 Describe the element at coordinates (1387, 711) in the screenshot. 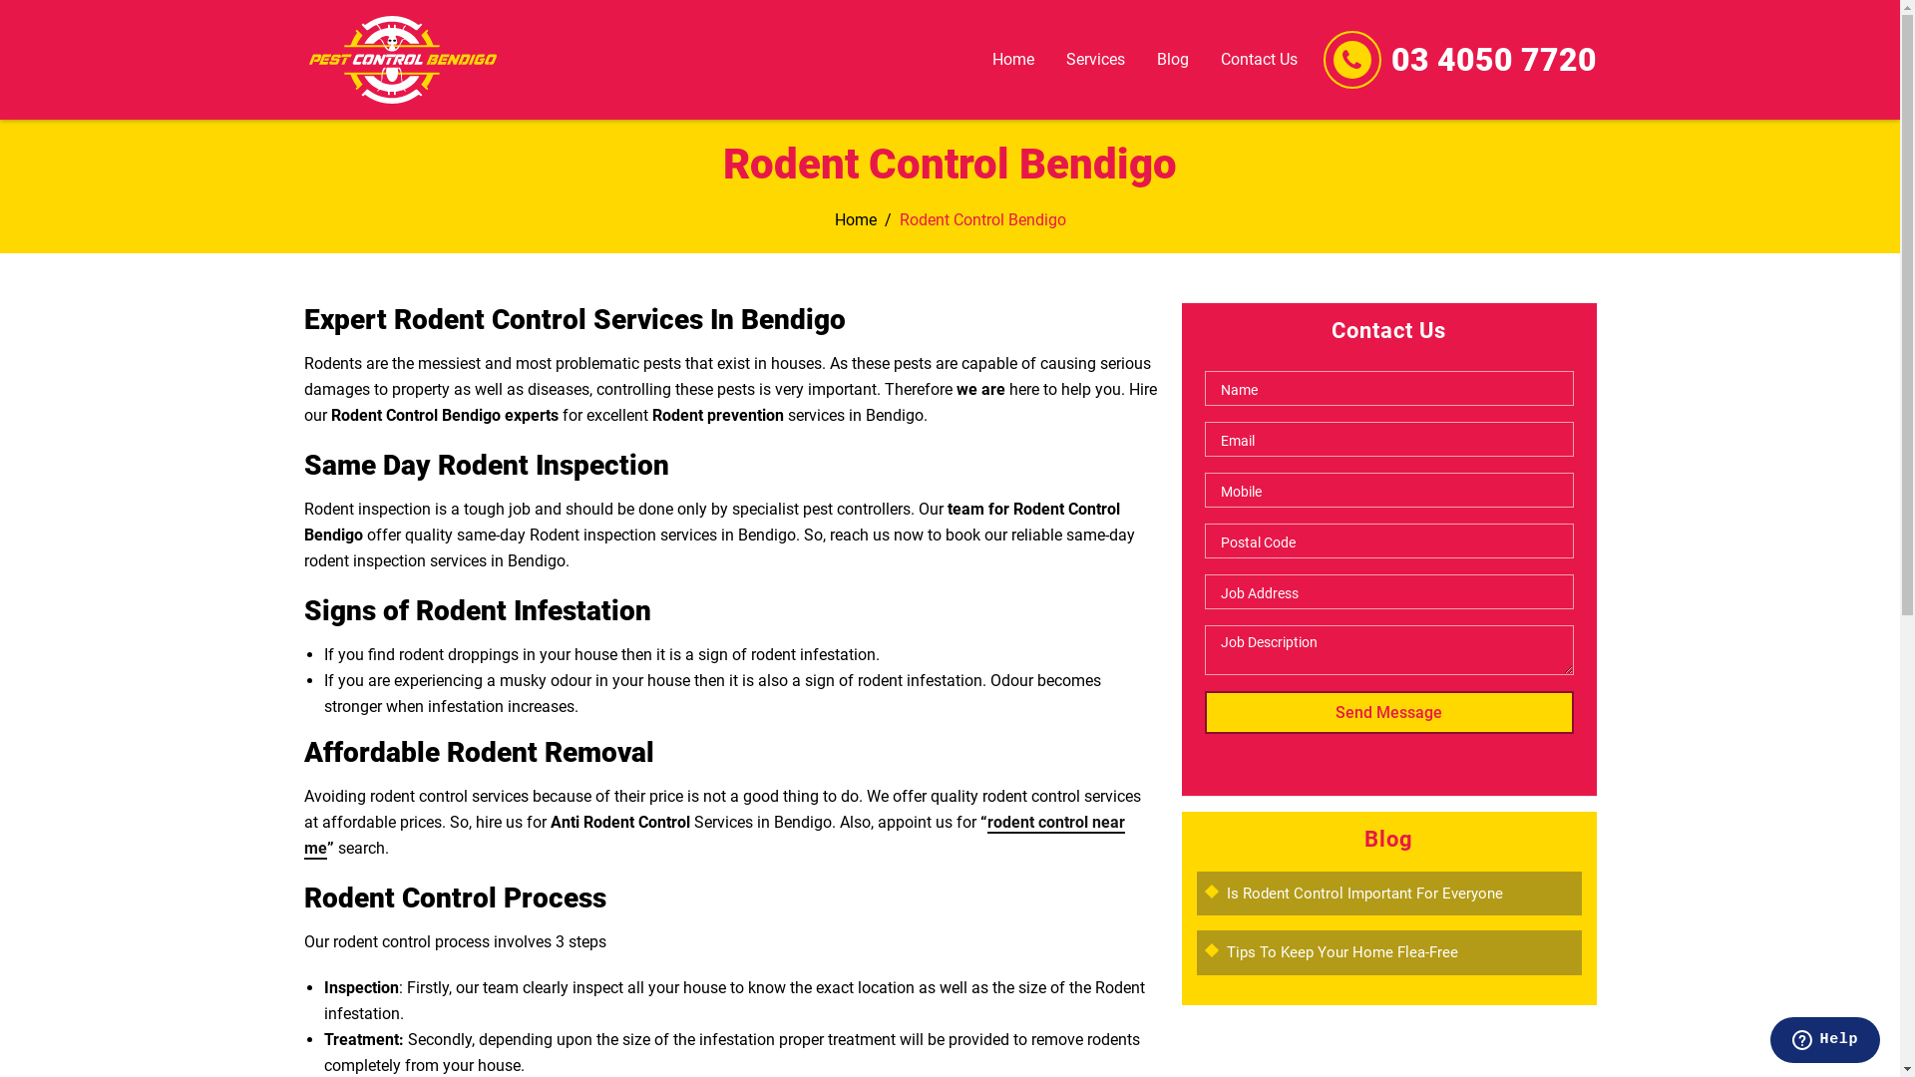

I see `'Send Message'` at that location.